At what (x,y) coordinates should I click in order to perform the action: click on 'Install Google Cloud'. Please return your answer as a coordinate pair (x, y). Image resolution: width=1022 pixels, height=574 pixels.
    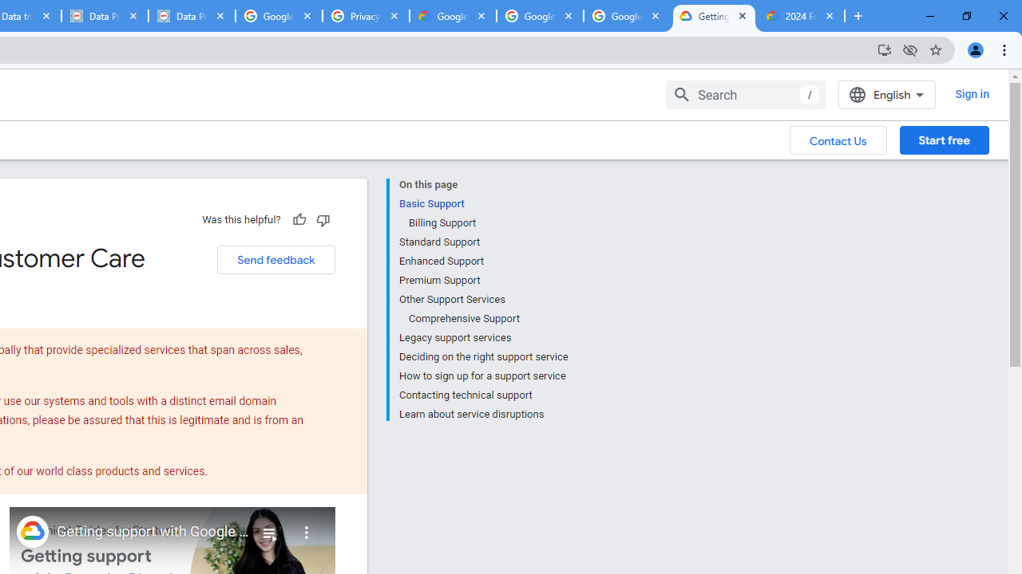
    Looking at the image, I should click on (883, 49).